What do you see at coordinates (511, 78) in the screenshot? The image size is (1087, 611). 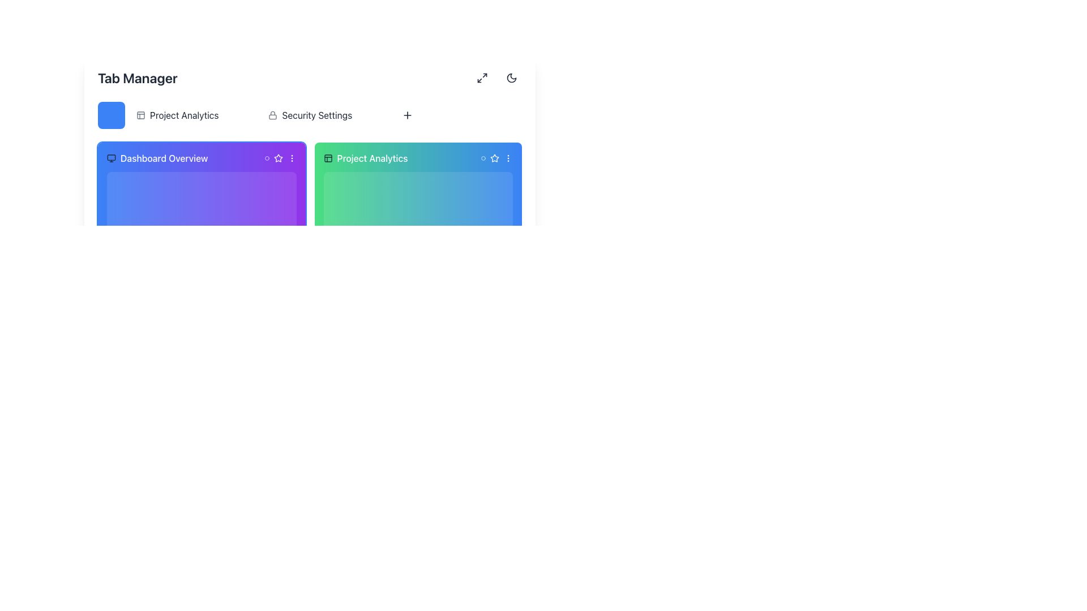 I see `the crescent moon icon in the top right section of the interface` at bounding box center [511, 78].